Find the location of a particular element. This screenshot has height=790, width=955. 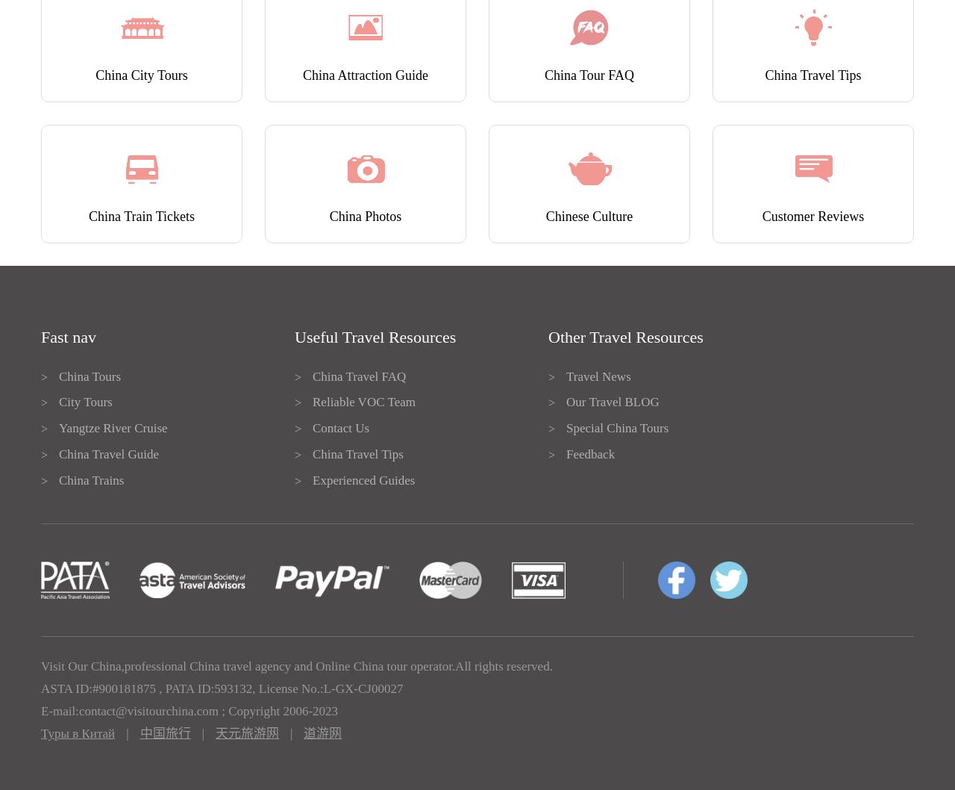

'Our Travel BLOG' is located at coordinates (612, 402).